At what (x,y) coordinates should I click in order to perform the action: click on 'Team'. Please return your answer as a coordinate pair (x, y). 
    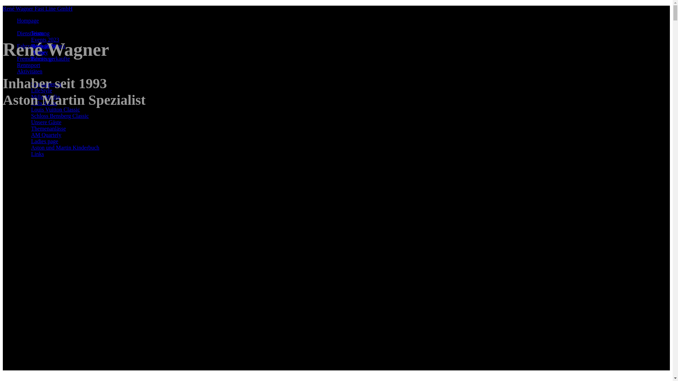
    Looking at the image, I should click on (37, 33).